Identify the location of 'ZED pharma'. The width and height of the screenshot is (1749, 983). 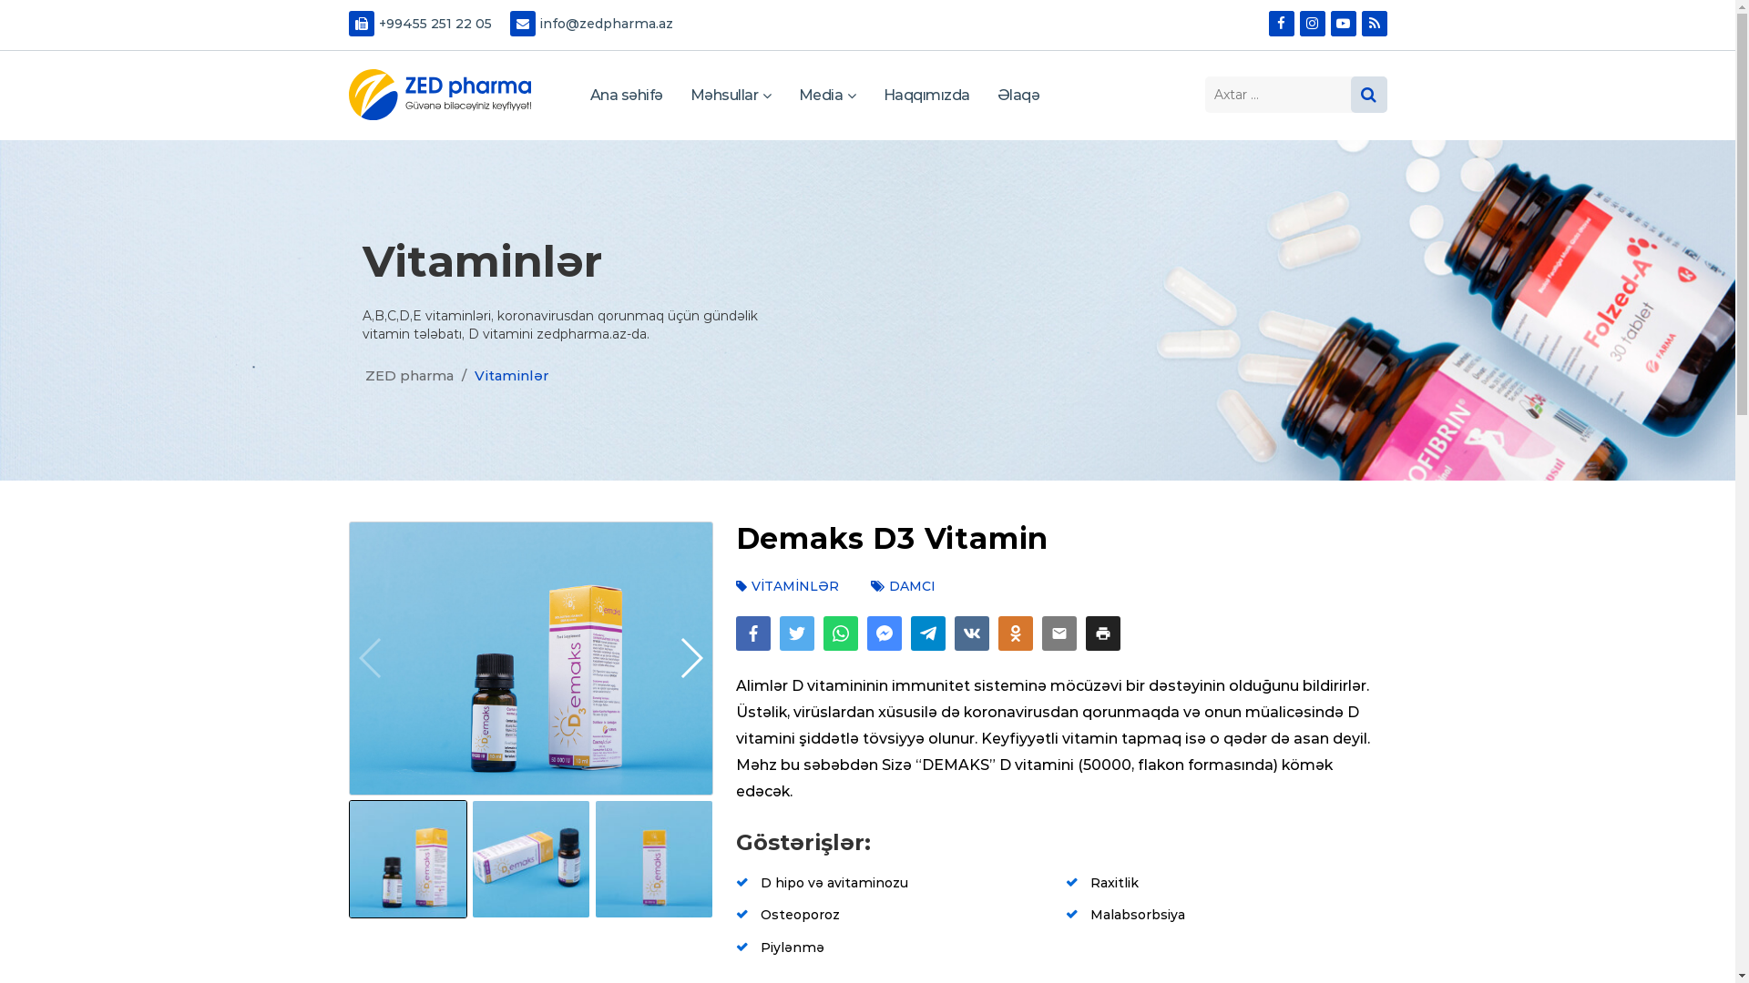
(438, 95).